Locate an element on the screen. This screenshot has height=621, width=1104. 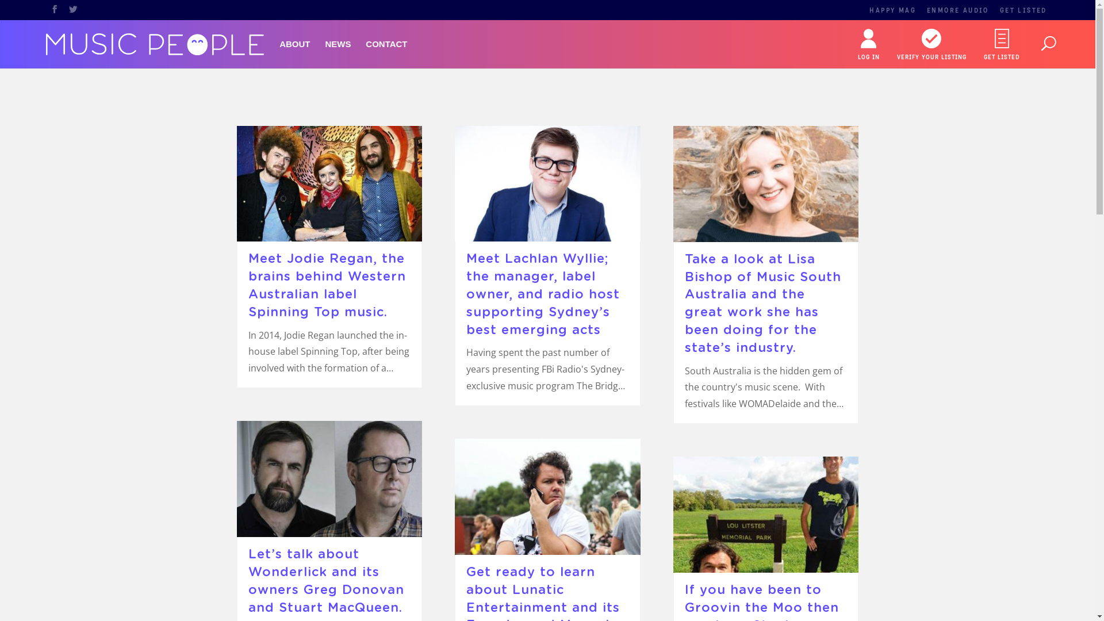
'CONTACT' is located at coordinates (386, 54).